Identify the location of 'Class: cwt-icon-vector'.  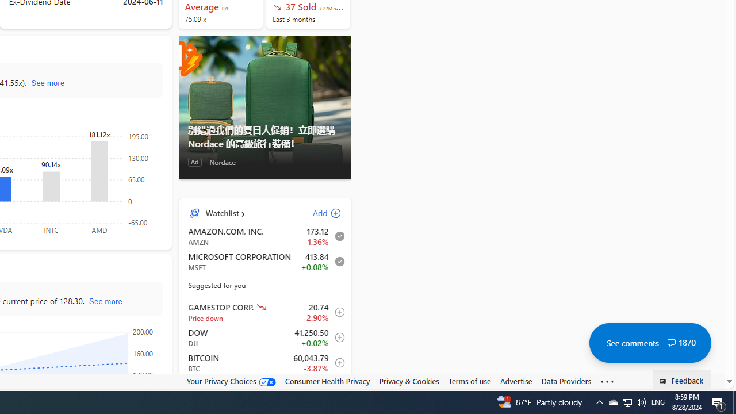
(671, 342).